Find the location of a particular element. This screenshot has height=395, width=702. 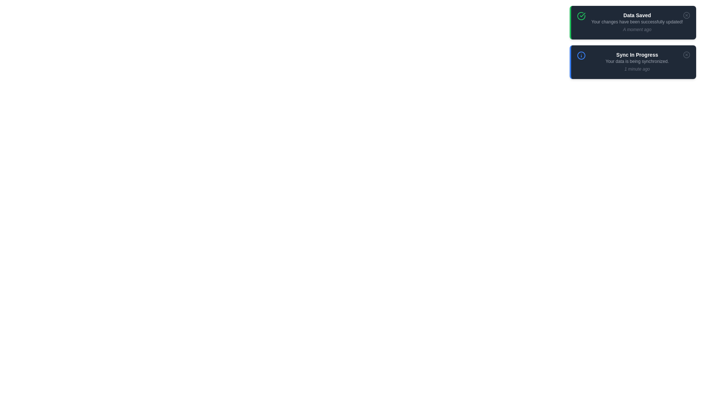

the notification icon for Sync In Progress is located at coordinates (581, 55).